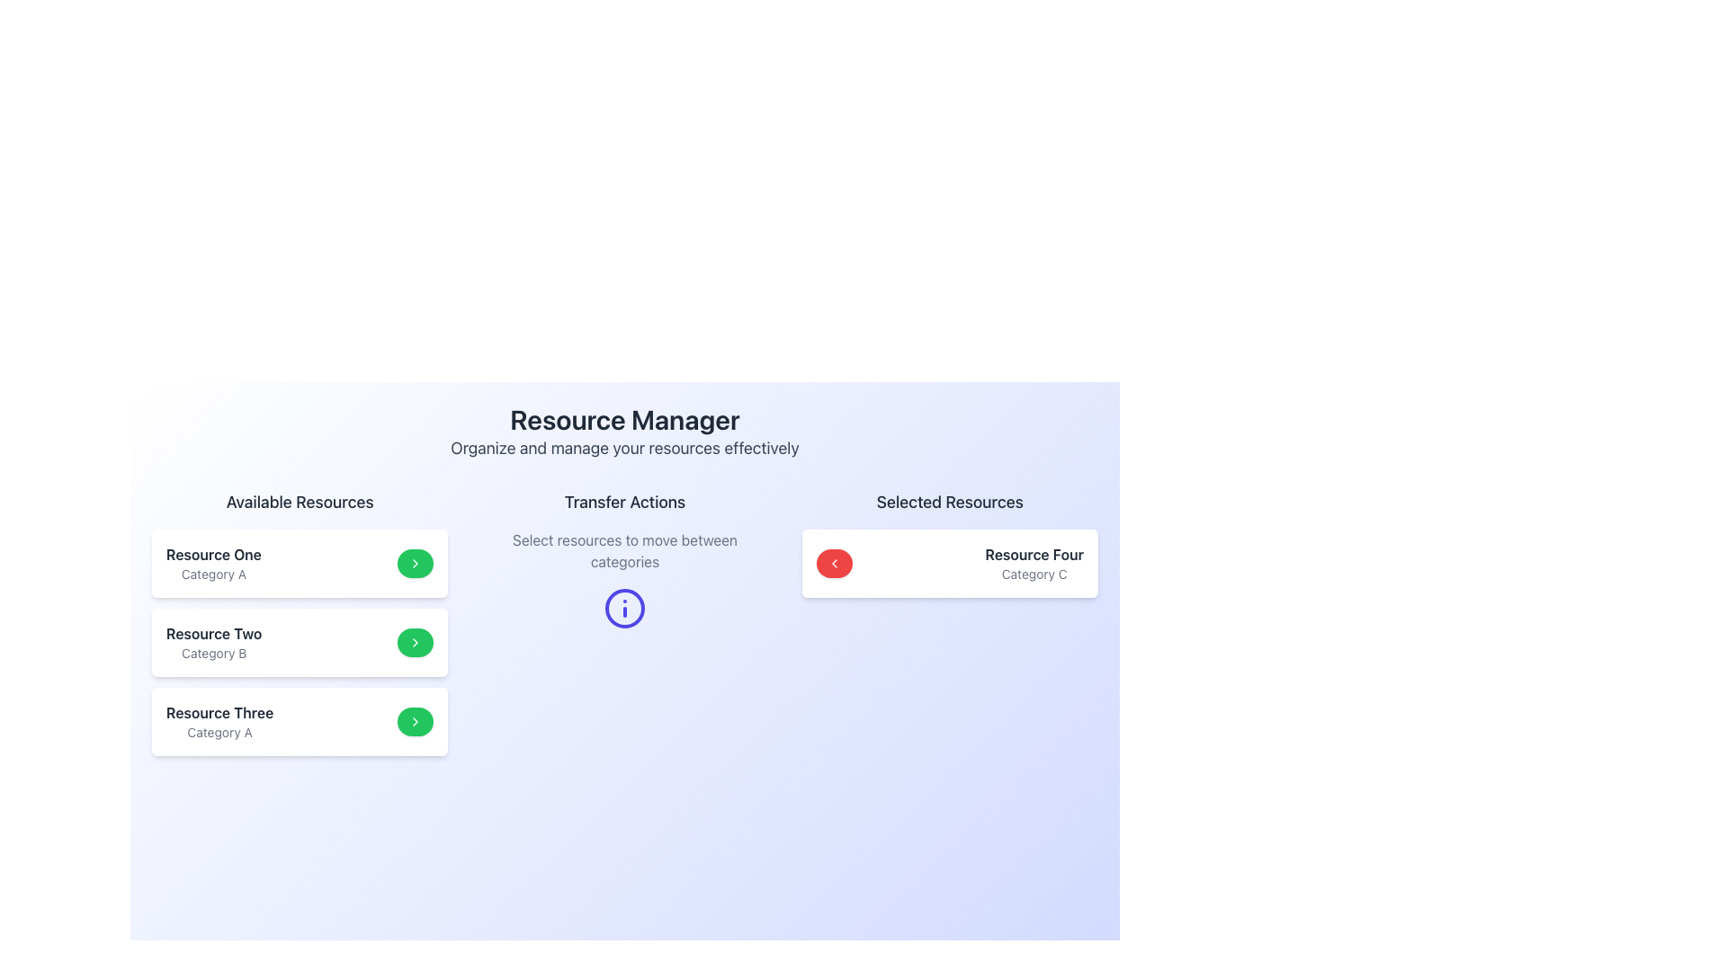 The width and height of the screenshot is (1727, 971). Describe the element at coordinates (300, 720) in the screenshot. I see `the green circular button representing 'Resource Three'` at that location.